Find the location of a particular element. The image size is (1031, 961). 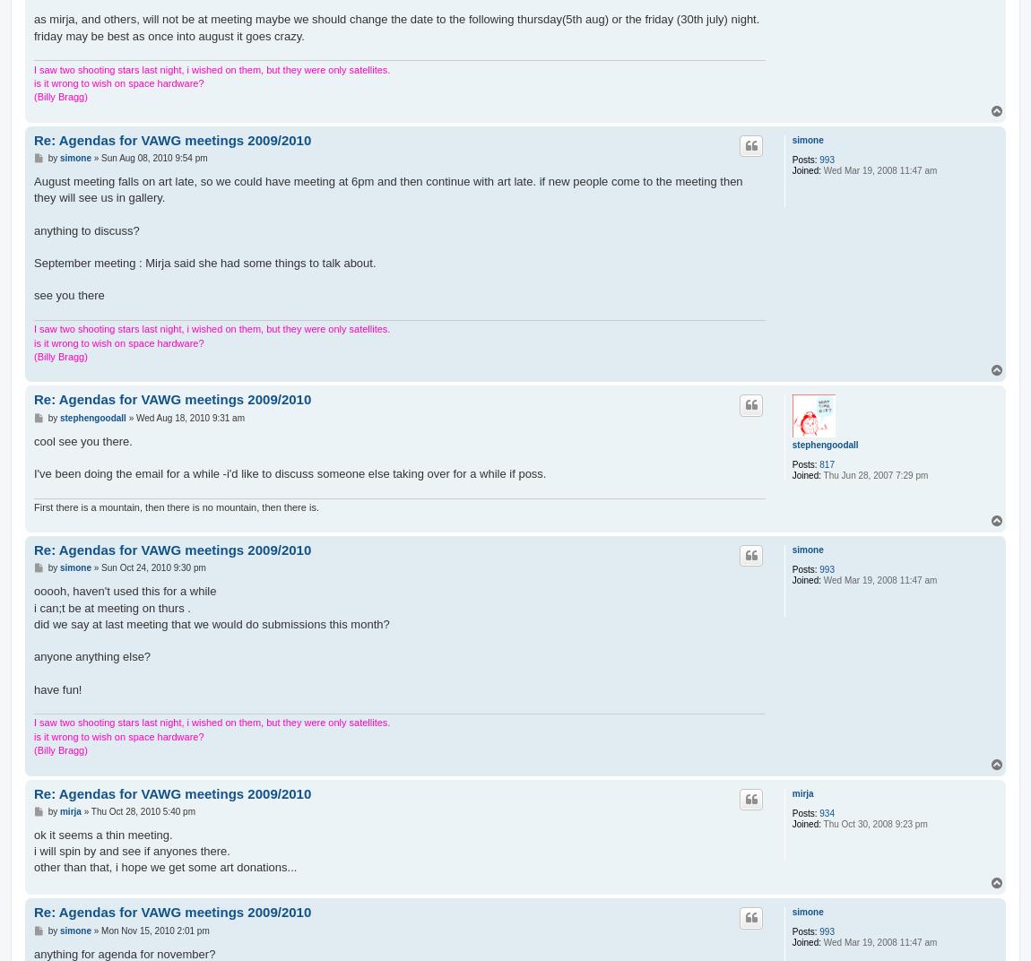

'Sun Aug 08, 2010 9:54 pm' is located at coordinates (100, 156).